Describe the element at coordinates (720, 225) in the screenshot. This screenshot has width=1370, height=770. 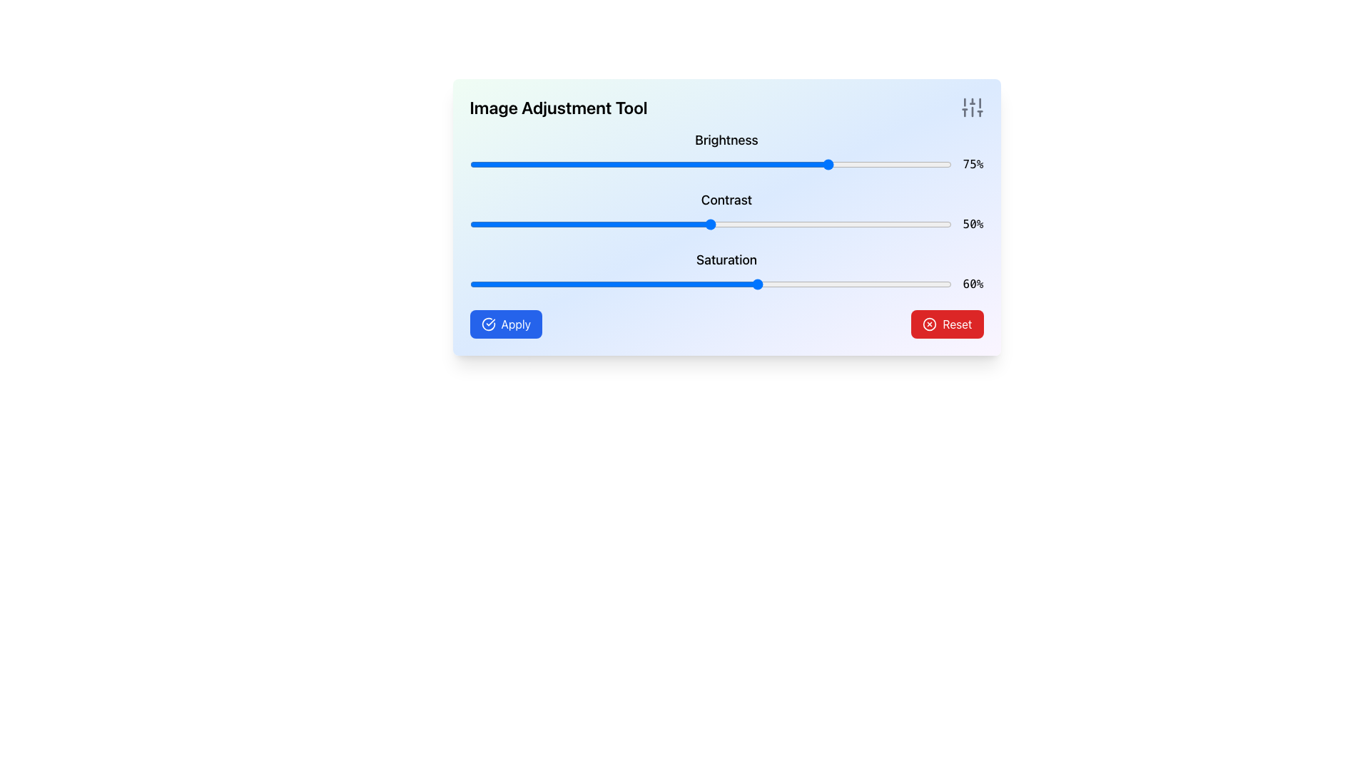
I see `contrast` at that location.